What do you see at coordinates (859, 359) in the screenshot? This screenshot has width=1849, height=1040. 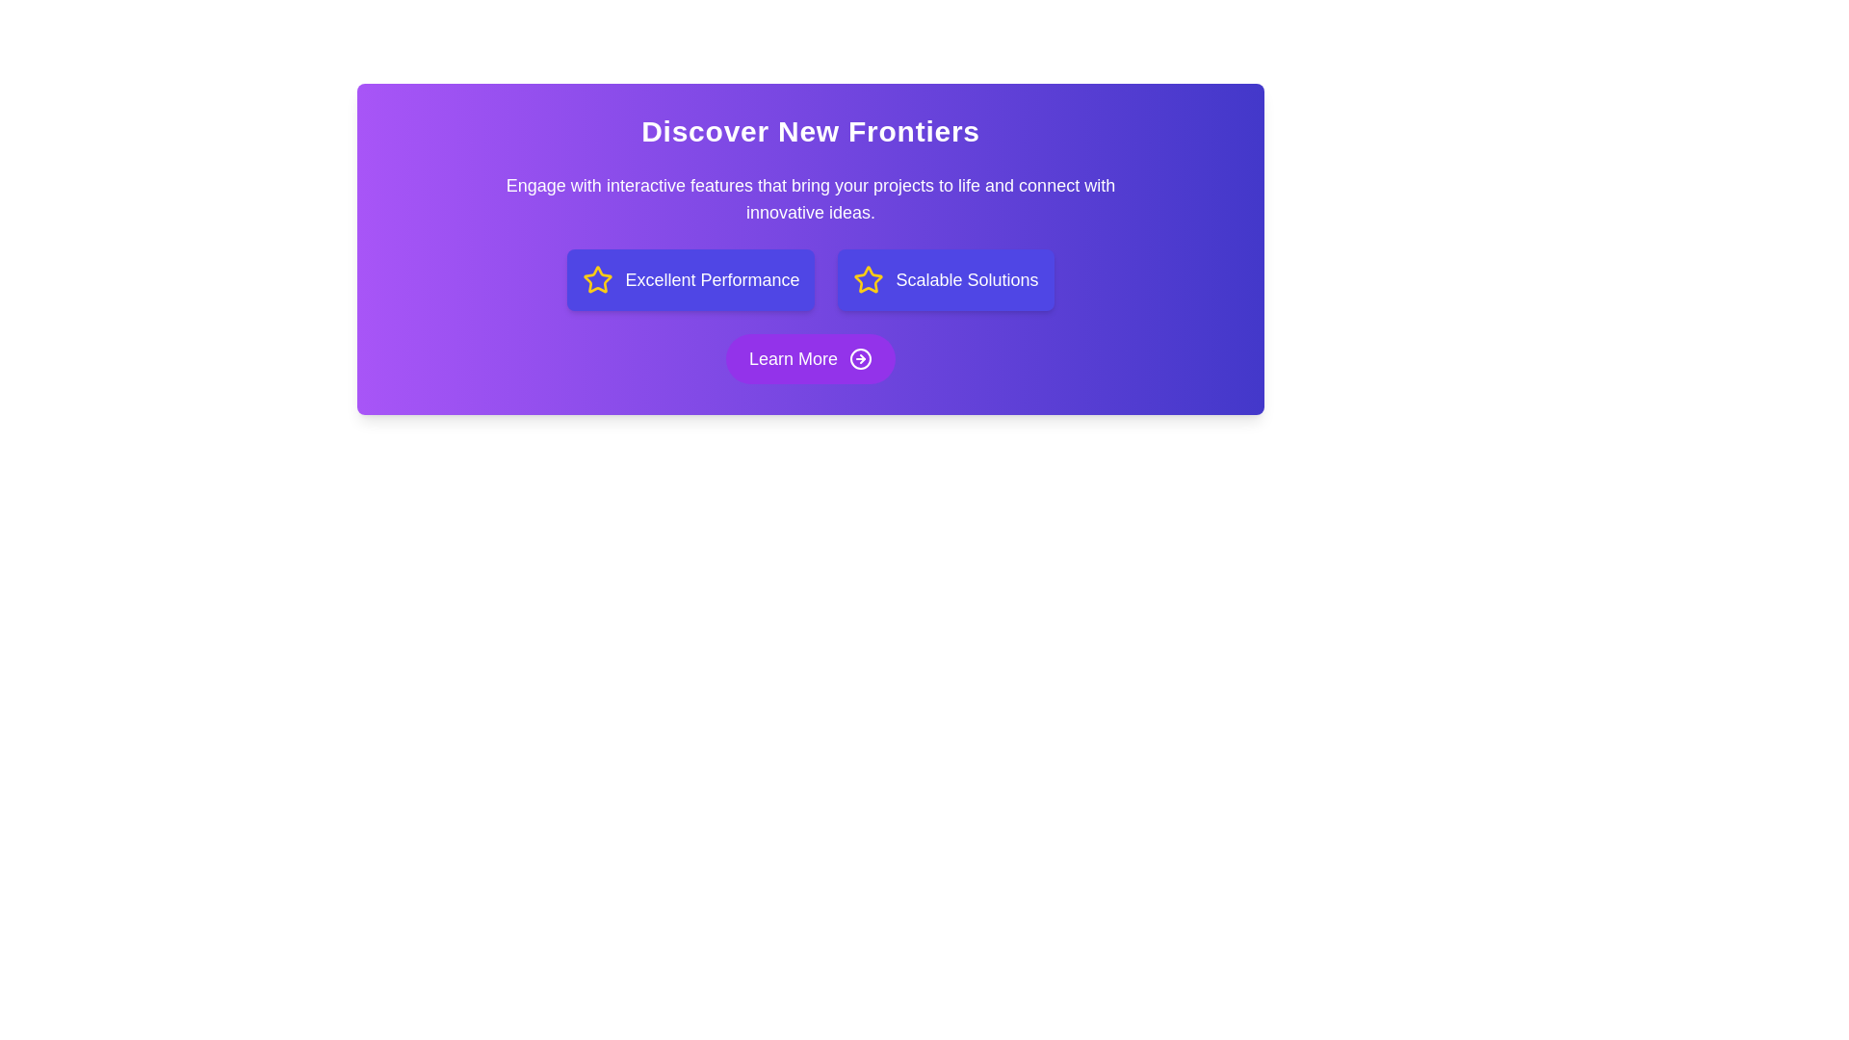 I see `the circular icon with an outward-pointing arrow, which is positioned to the right side of the 'Learn More' button at the bottom center of the main content area` at bounding box center [859, 359].